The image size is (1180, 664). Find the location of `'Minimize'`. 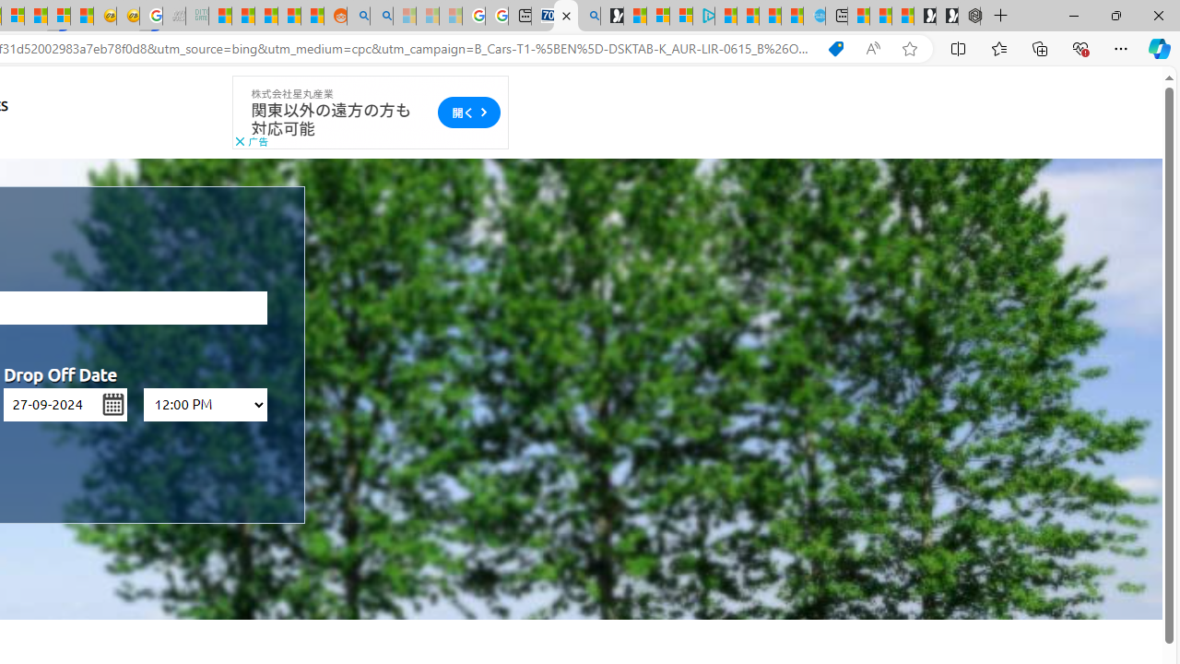

'Minimize' is located at coordinates (1073, 15).